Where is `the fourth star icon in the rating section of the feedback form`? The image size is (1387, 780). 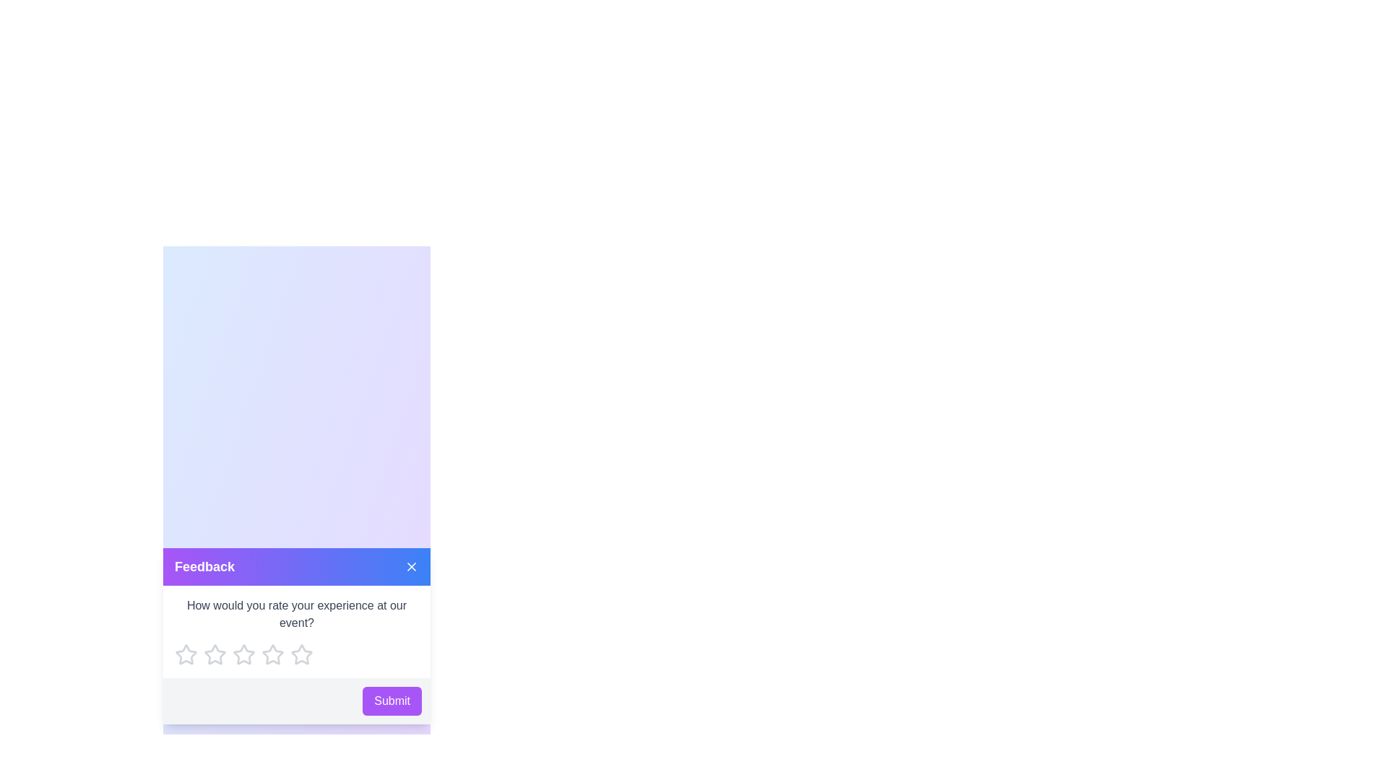 the fourth star icon in the rating section of the feedback form is located at coordinates (301, 654).